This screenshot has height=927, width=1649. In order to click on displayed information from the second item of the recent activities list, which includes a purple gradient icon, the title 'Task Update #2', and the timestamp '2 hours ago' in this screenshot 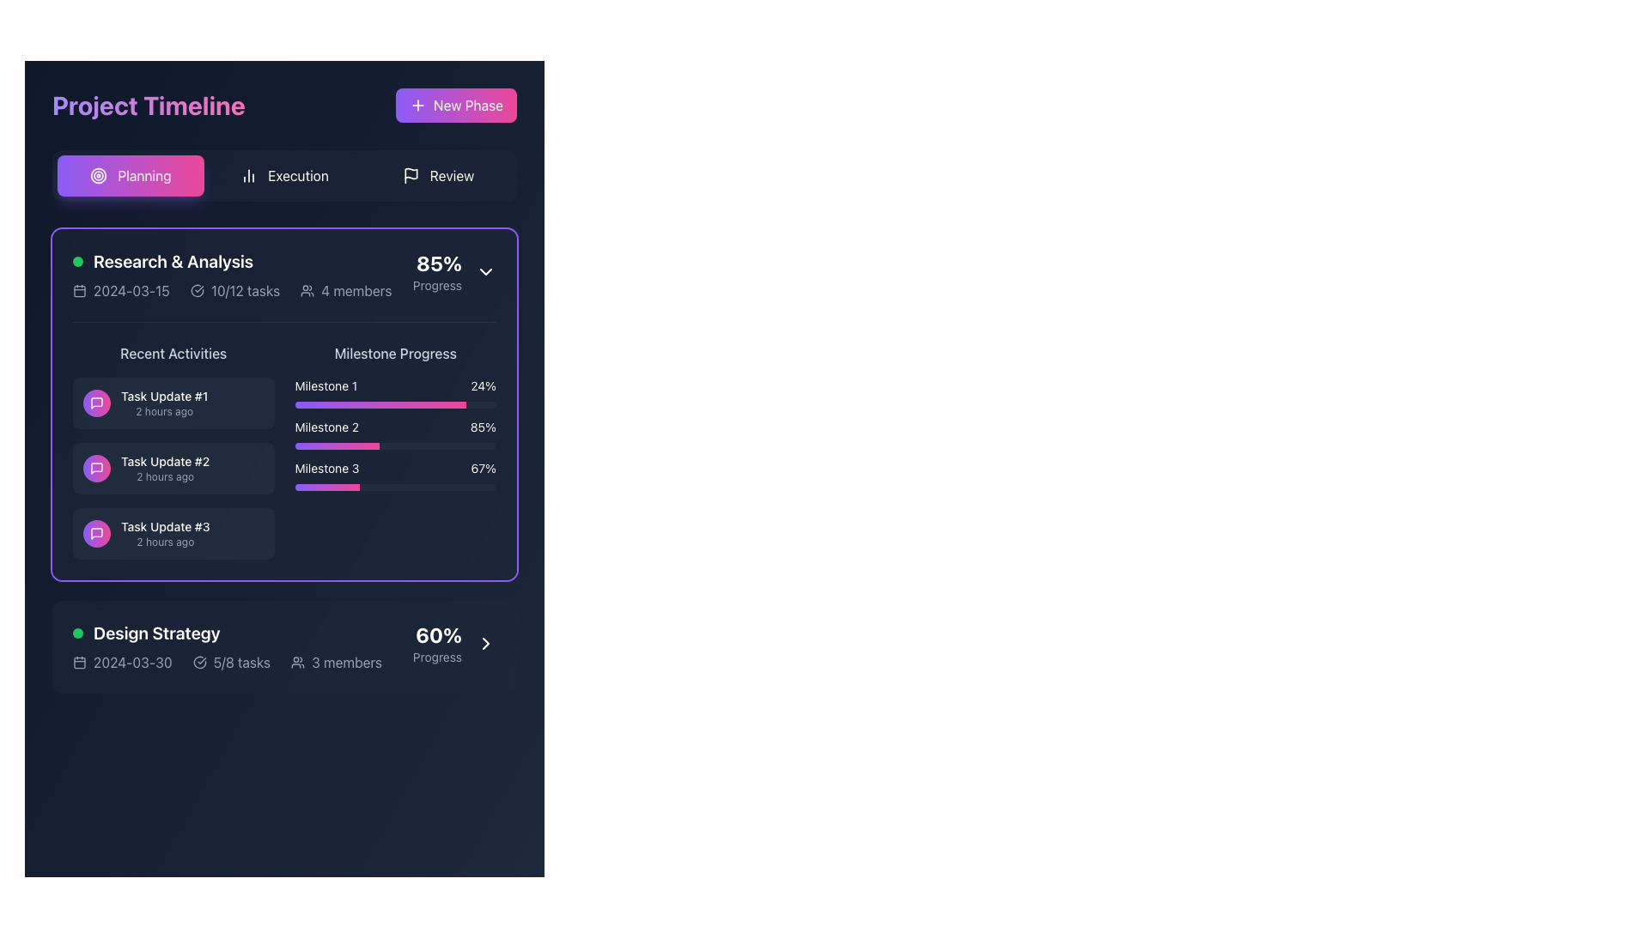, I will do `click(173, 450)`.